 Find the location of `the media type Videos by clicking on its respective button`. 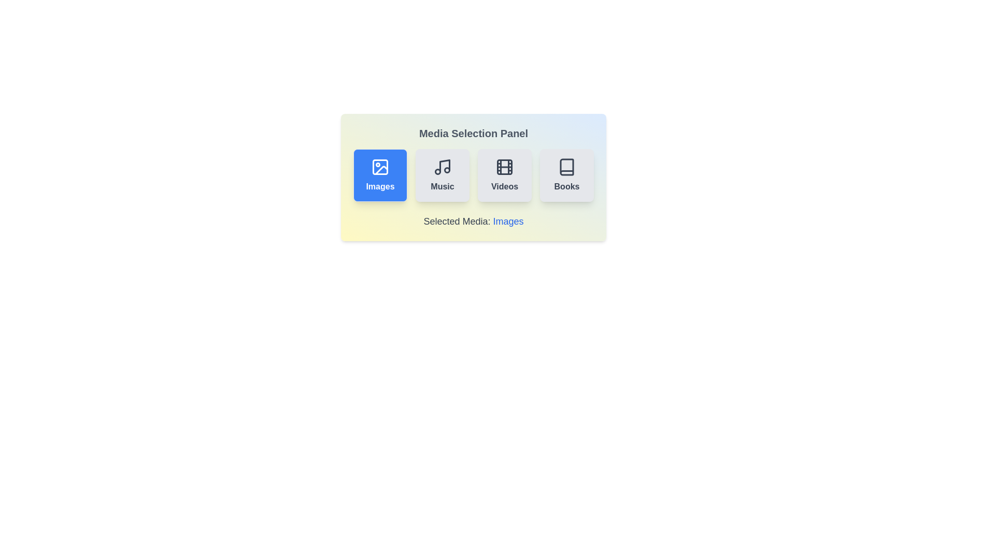

the media type Videos by clicking on its respective button is located at coordinates (505, 175).